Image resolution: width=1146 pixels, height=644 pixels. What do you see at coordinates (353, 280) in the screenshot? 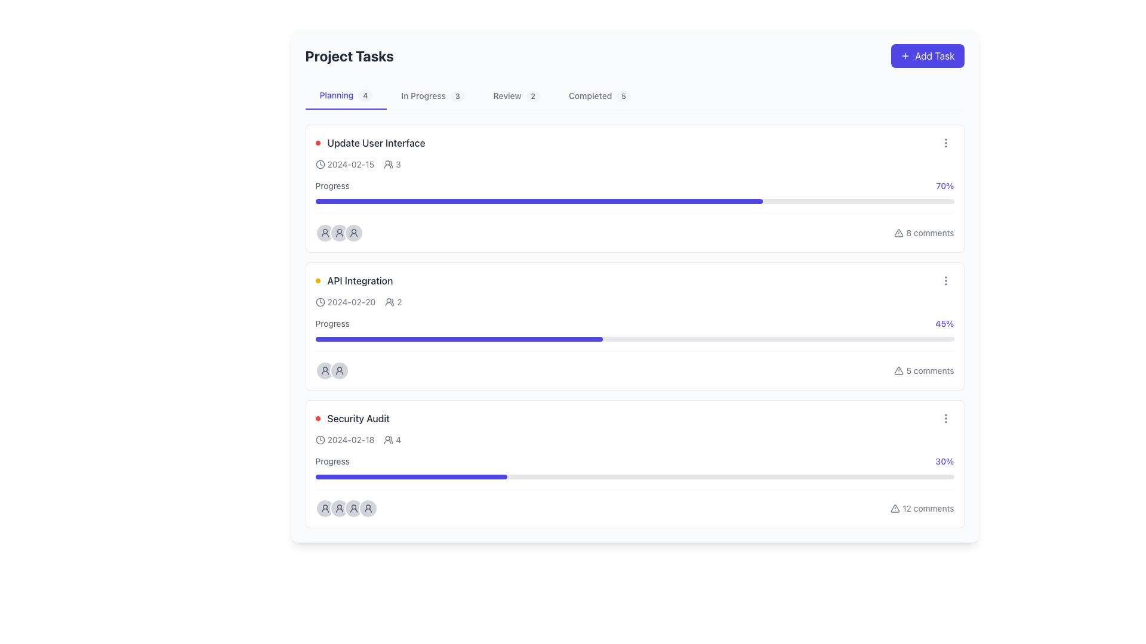
I see `displayed text from the text label titled 'API Integration' located in the second task card of the 'Planning' section, positioned between the cards for 'Update User Interface' and 'Security Audit.'` at bounding box center [353, 280].